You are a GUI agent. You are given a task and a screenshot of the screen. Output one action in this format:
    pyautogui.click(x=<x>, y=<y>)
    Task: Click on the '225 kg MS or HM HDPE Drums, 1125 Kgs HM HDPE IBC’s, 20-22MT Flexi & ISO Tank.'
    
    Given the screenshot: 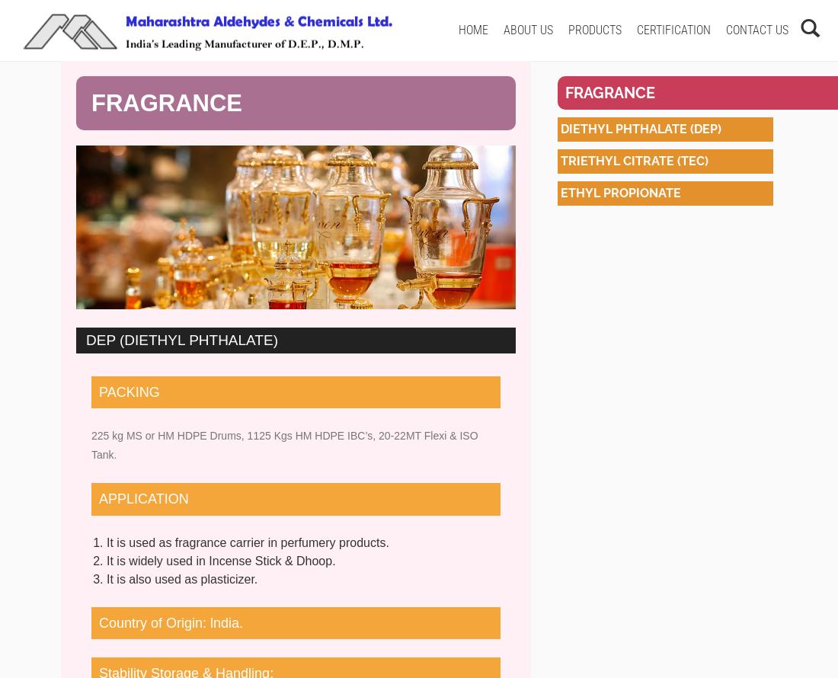 What is the action you would take?
    pyautogui.click(x=284, y=444)
    